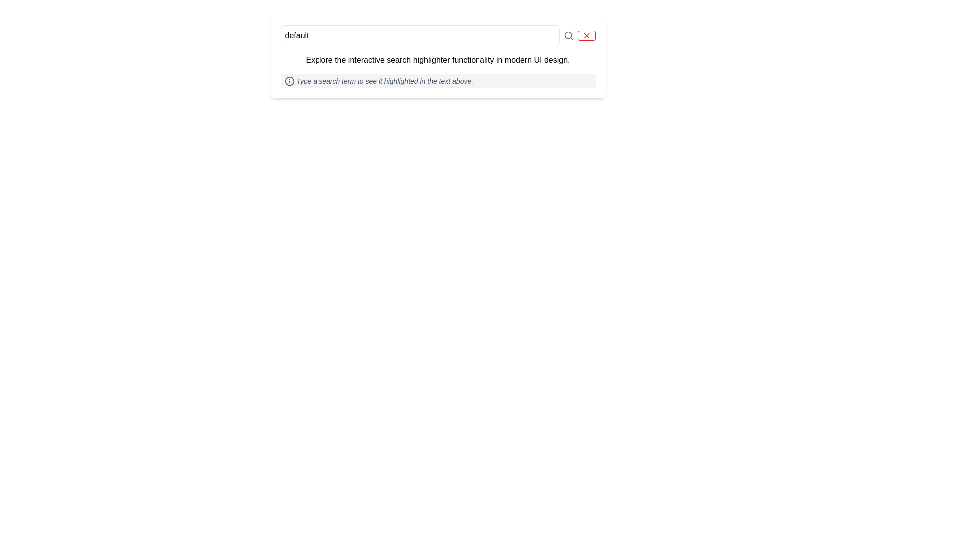  I want to click on the SVG circle that serves as a visual indicator for an icon located on the left side of the search bar, so click(289, 80).